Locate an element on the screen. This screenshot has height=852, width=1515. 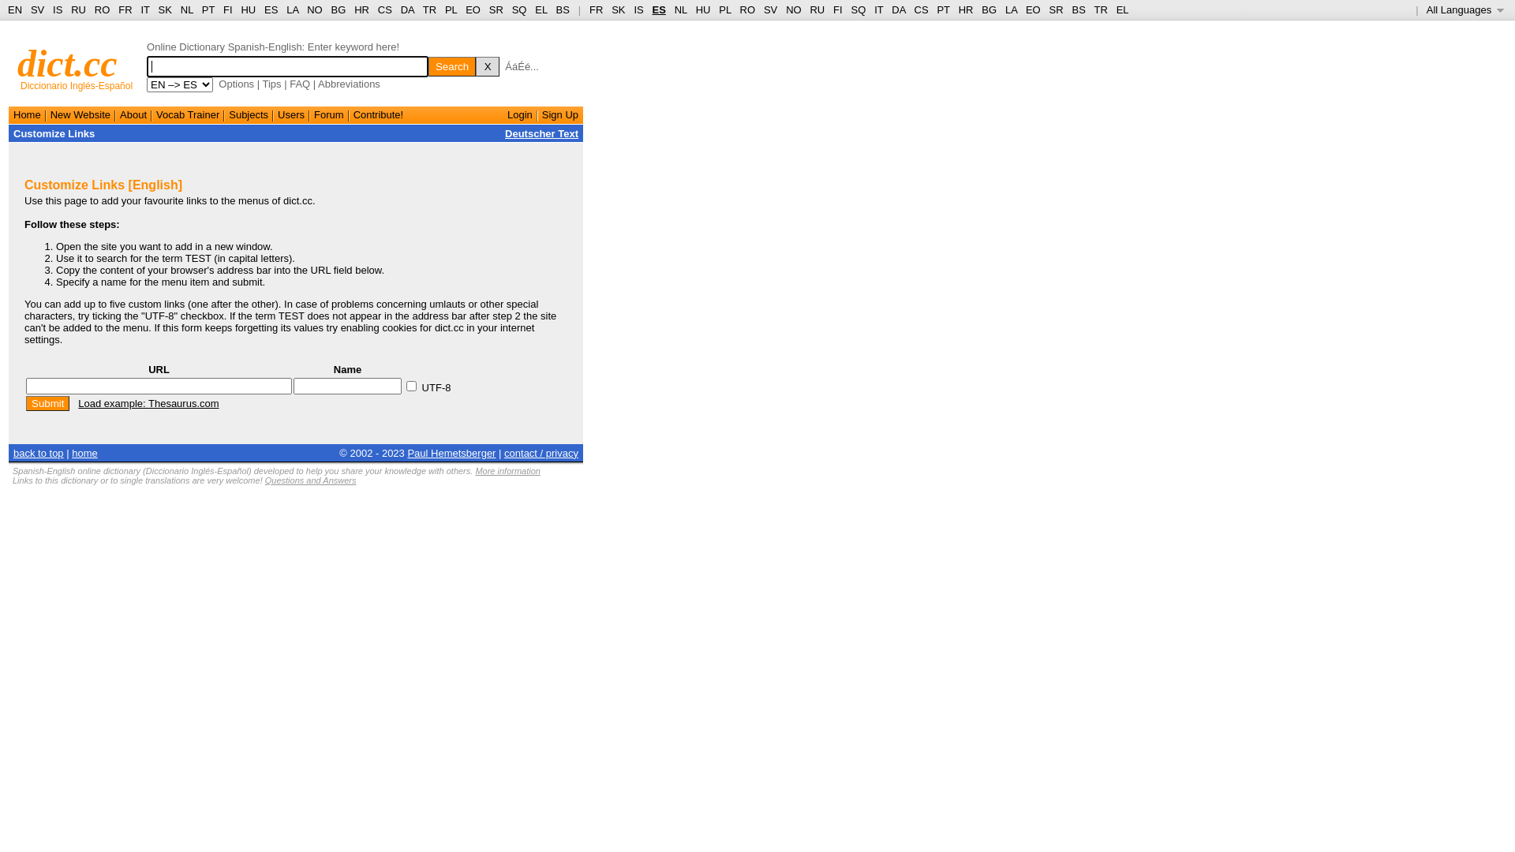
'TR' is located at coordinates (429, 9).